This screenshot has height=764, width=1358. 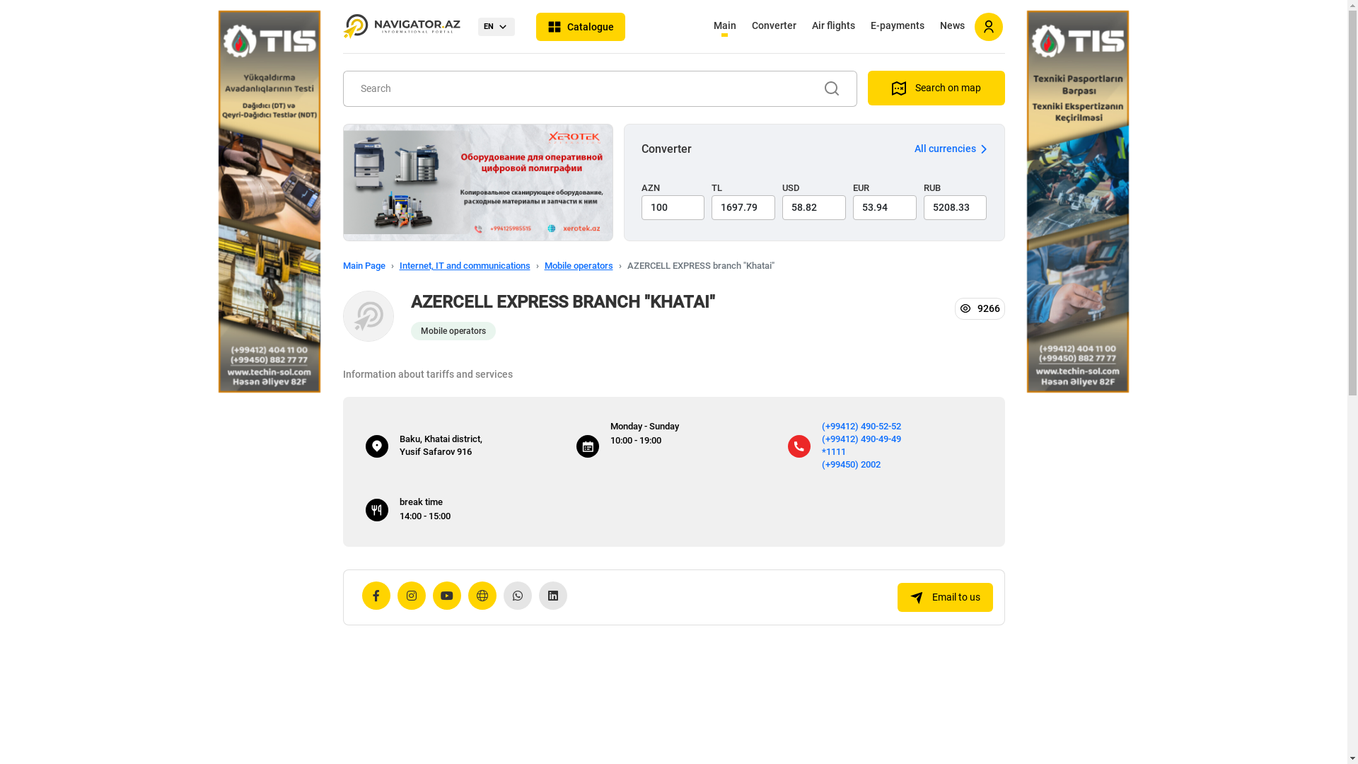 What do you see at coordinates (707, 27) in the screenshot?
I see `'Main'` at bounding box center [707, 27].